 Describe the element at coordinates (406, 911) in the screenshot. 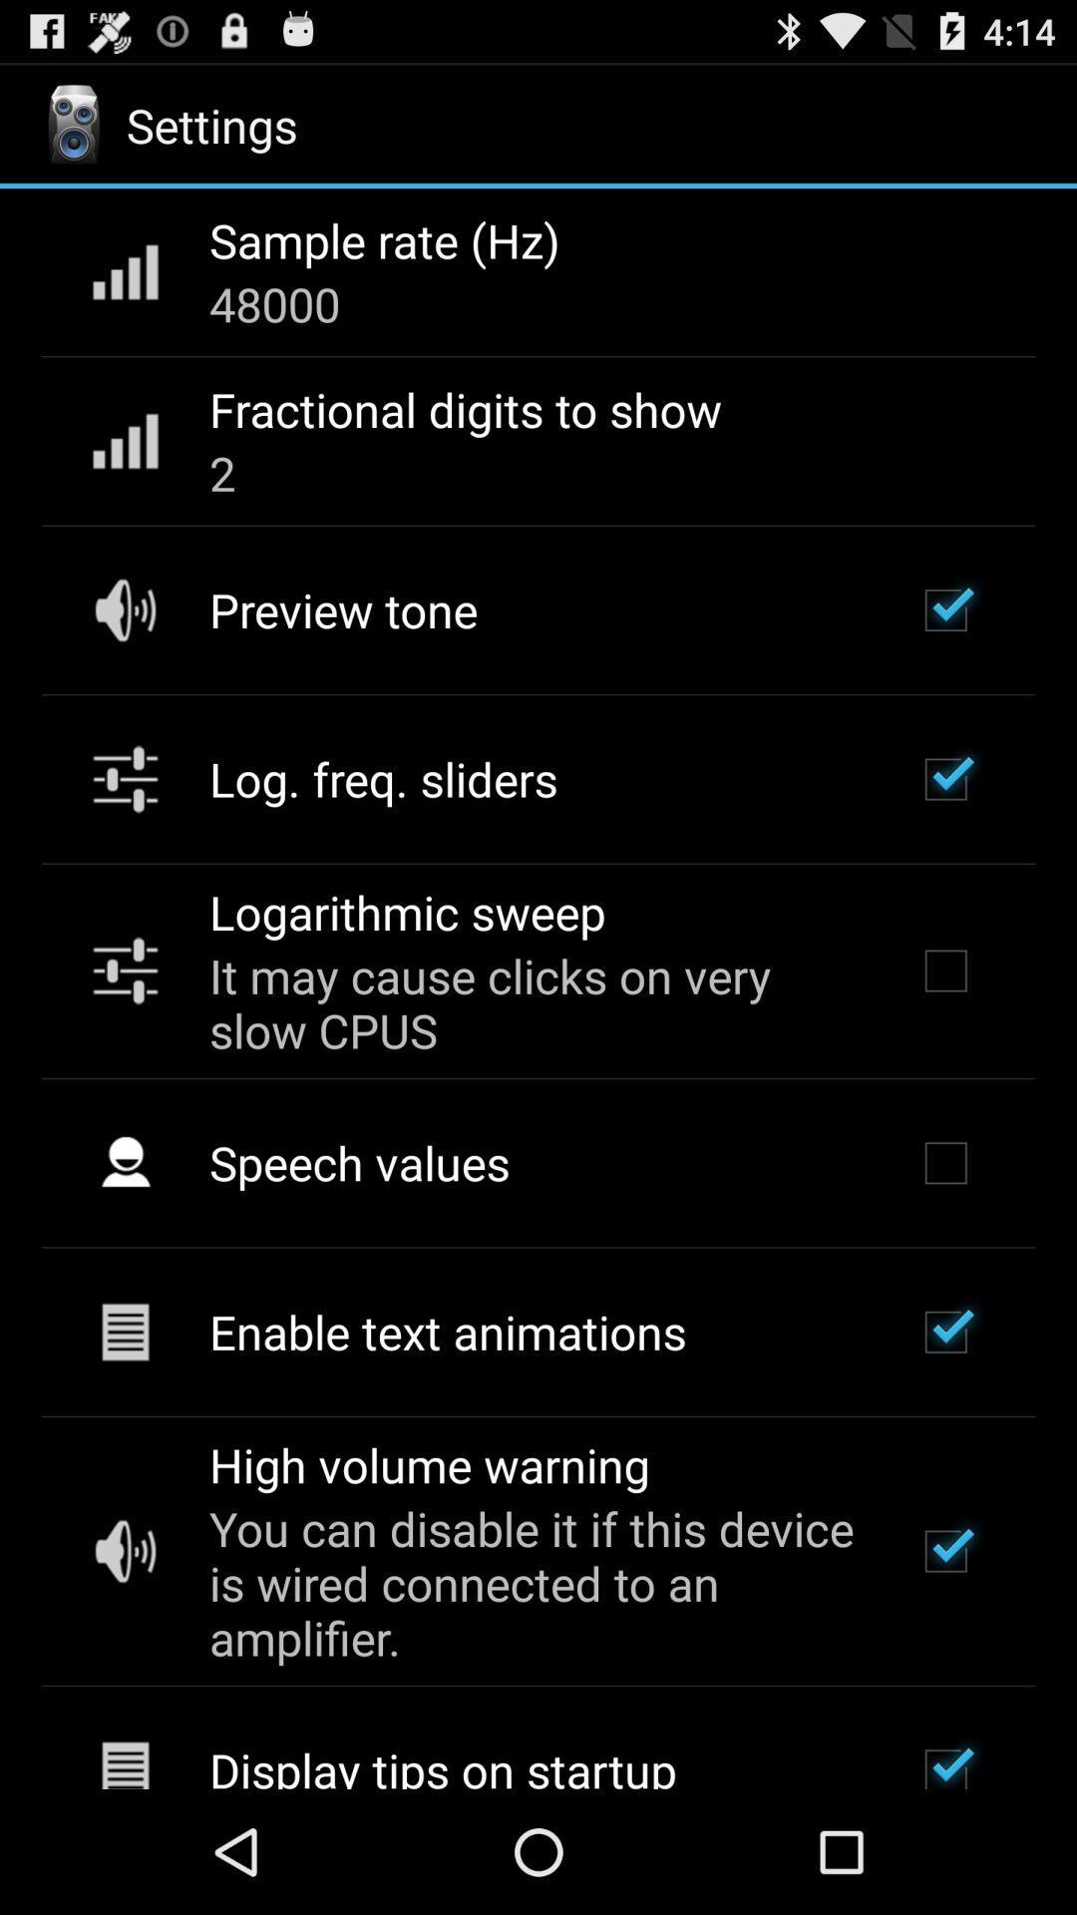

I see `the app below the log. freq. sliders icon` at that location.